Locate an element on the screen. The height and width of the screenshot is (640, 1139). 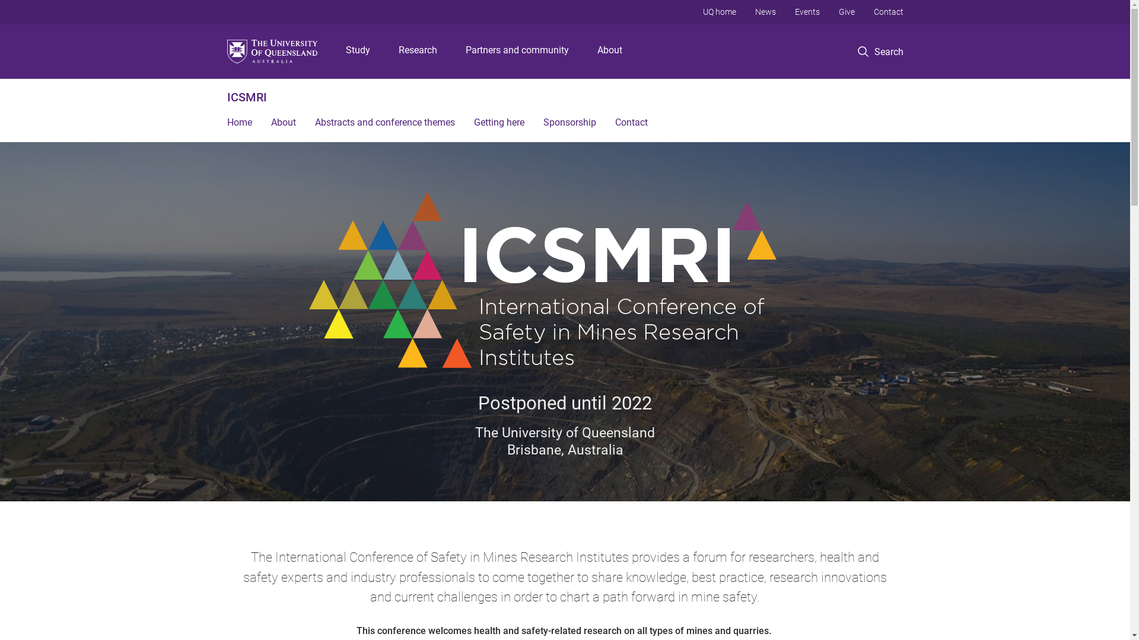
'Partners and community' is located at coordinates (517, 51).